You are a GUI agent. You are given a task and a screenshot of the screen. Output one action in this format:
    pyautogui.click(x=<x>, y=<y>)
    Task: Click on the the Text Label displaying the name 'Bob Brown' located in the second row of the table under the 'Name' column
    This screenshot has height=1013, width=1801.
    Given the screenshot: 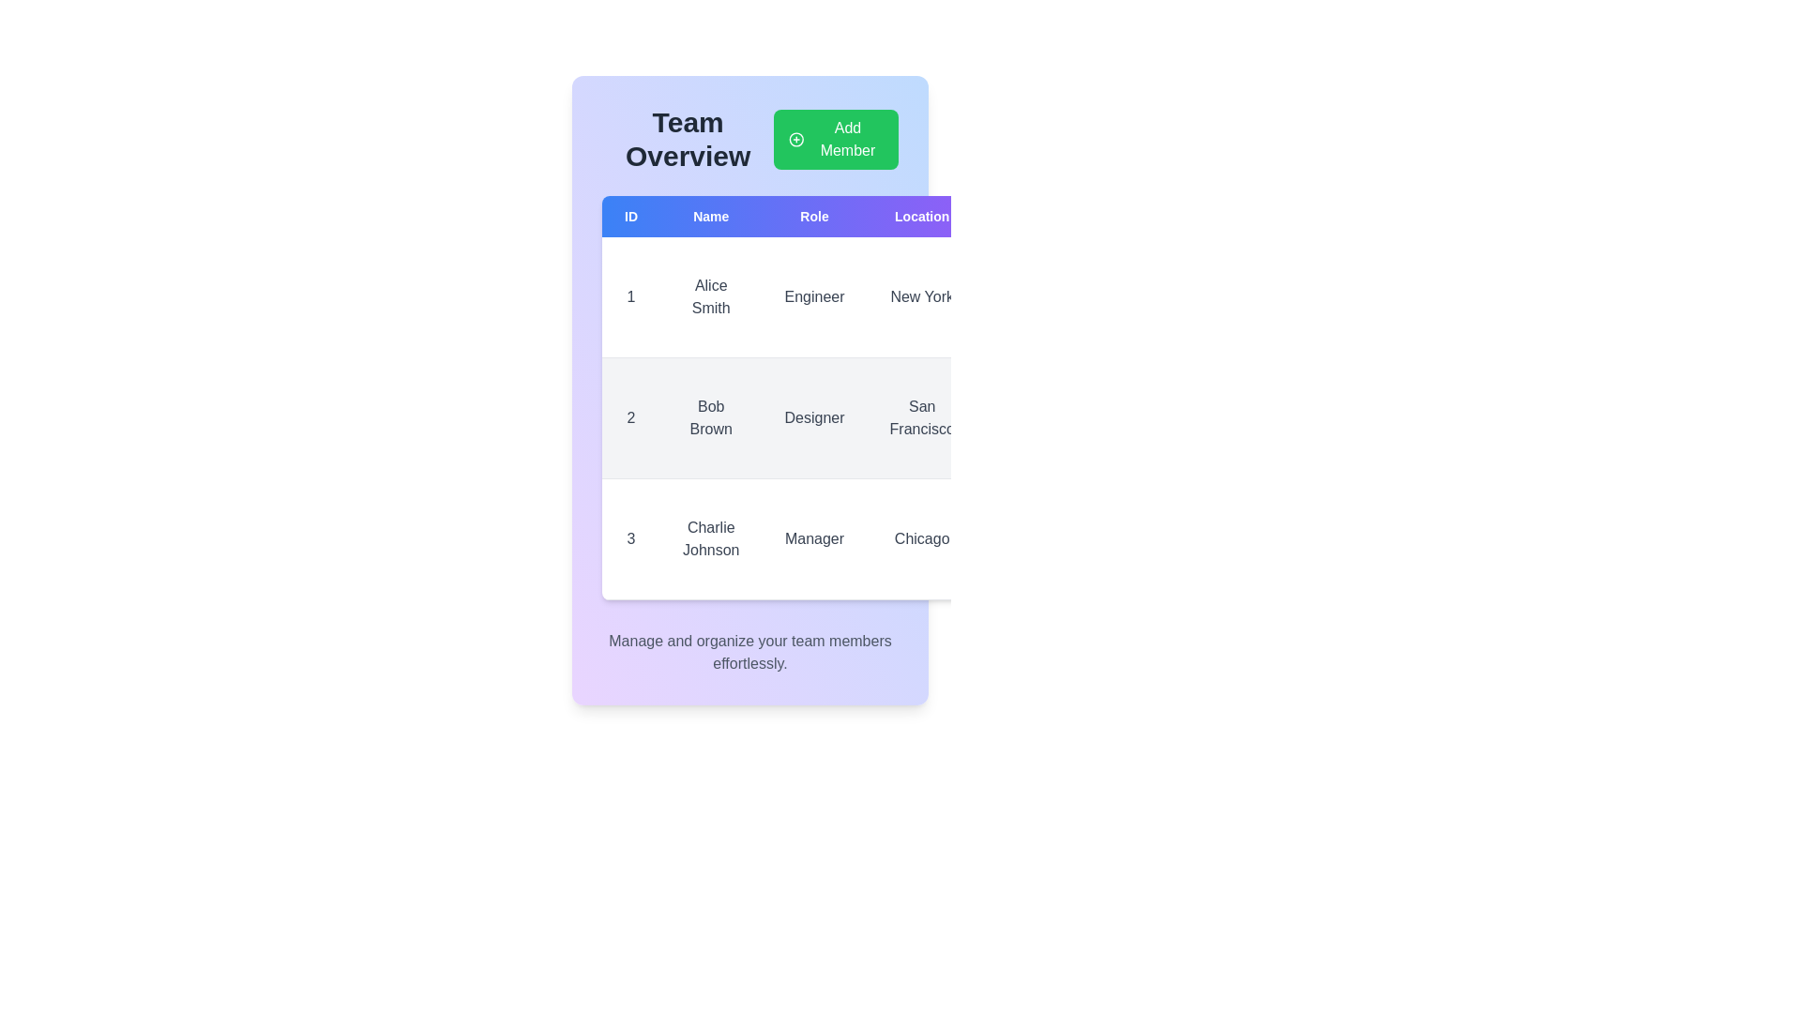 What is the action you would take?
    pyautogui.click(x=710, y=417)
    